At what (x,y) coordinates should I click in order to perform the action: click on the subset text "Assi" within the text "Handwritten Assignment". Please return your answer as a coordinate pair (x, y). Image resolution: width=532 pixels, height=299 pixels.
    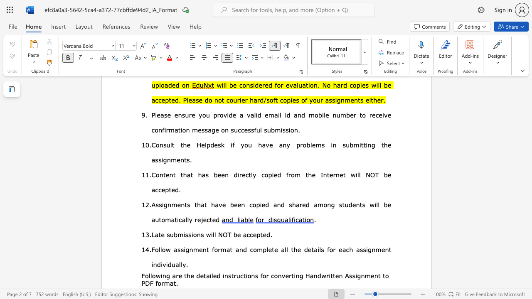
    Looking at the image, I should click on (345, 275).